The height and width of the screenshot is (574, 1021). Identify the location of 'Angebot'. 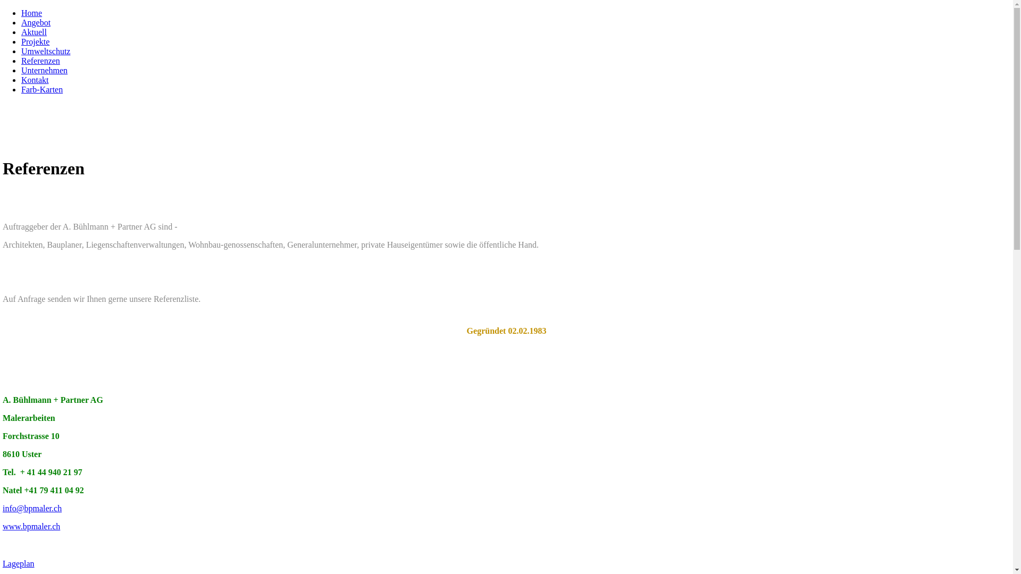
(36, 22).